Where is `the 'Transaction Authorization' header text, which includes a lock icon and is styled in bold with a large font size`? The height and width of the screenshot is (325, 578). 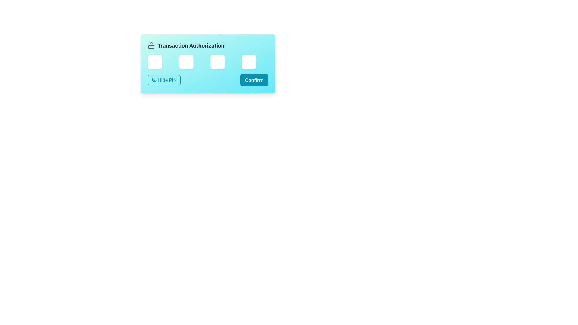
the 'Transaction Authorization' header text, which includes a lock icon and is styled in bold with a large font size is located at coordinates (208, 45).